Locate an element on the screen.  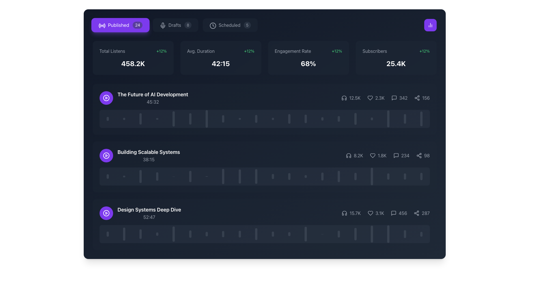
the static text representing the statistic for listens or engagements, located in the first row of the list structure, to the right of the headphone icon and to the left of other statistic icons is located at coordinates (354, 98).